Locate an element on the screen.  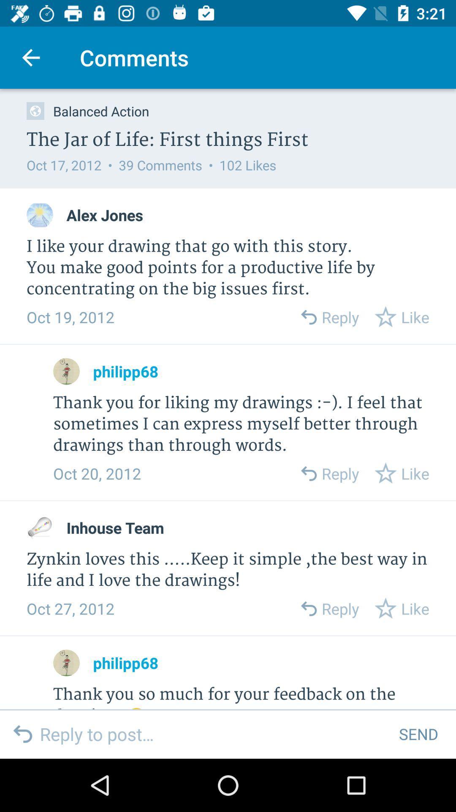
the item below oct 20, 2012 item is located at coordinates (115, 527).